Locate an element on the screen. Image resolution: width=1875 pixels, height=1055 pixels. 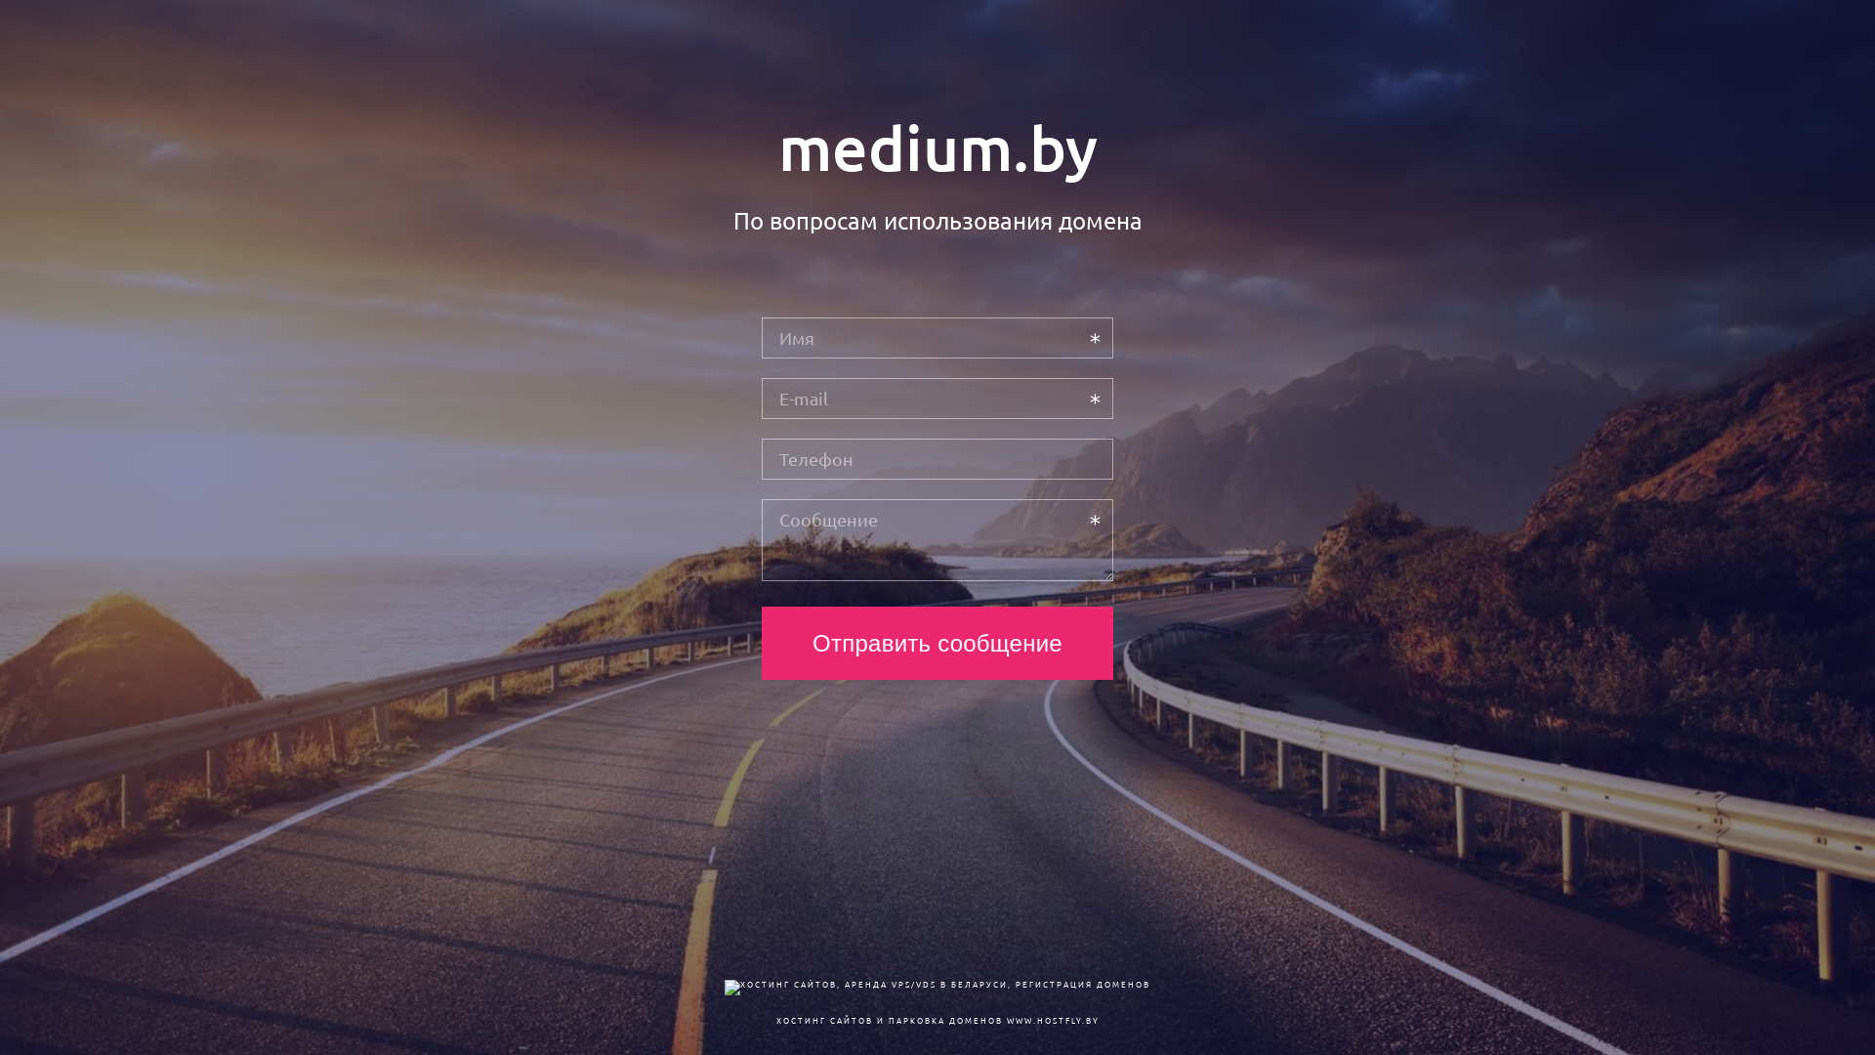
'WWW.HOSTFLY.BY' is located at coordinates (1051, 1019).